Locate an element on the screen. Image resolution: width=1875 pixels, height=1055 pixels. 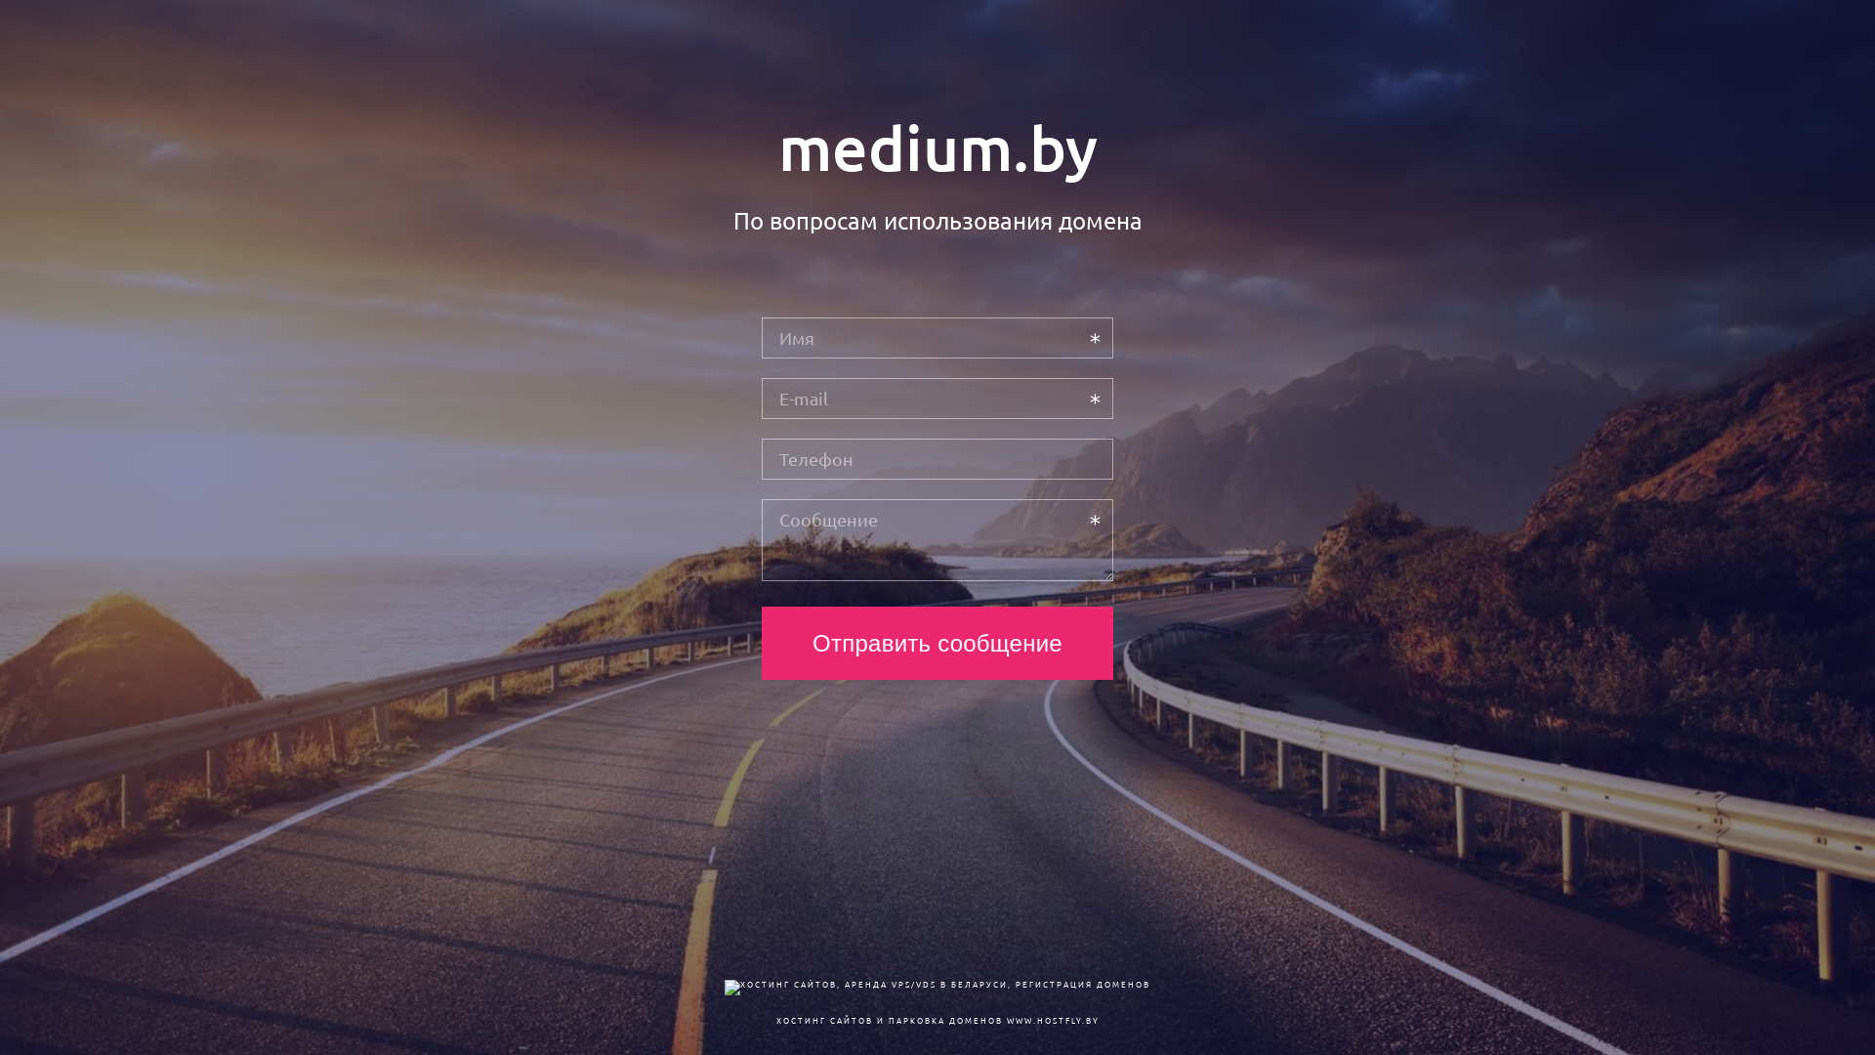
'WWW.HOSTFLY.BY' is located at coordinates (1051, 1019).